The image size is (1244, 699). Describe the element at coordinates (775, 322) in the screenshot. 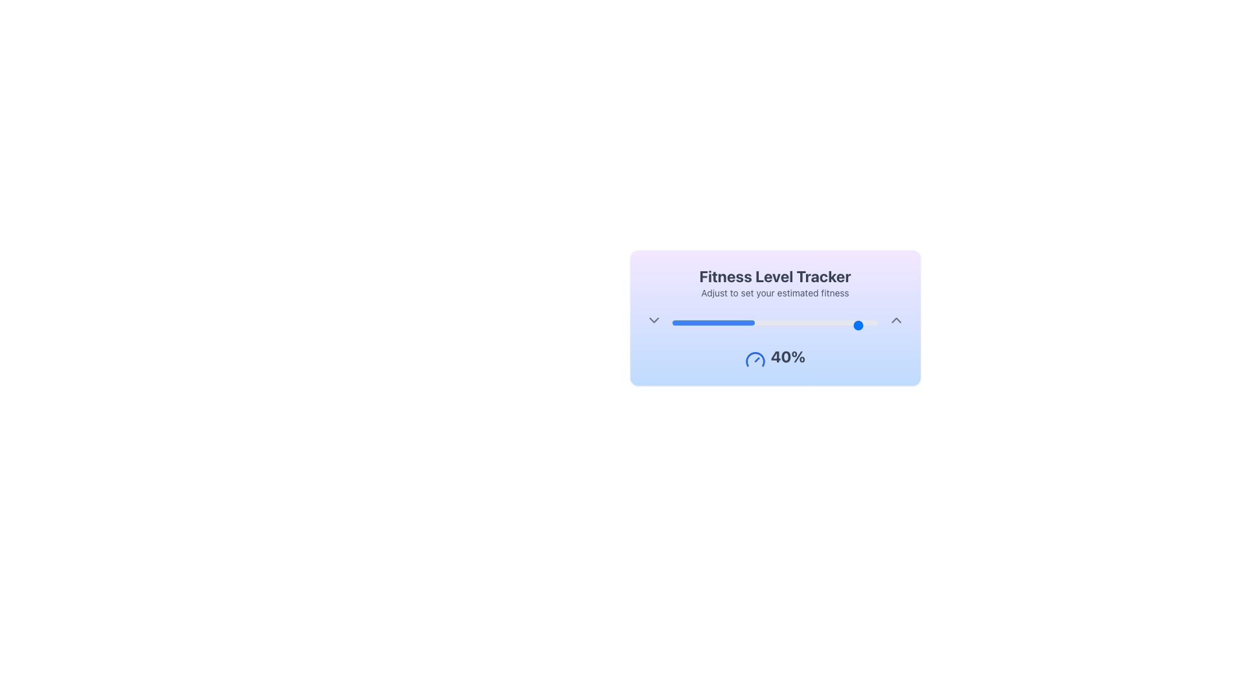

I see `the horizontal progress bar with a gray background and blue section indicating 40% progress, located near the center bottom of the 'Fitness Level Tracker' panel` at that location.